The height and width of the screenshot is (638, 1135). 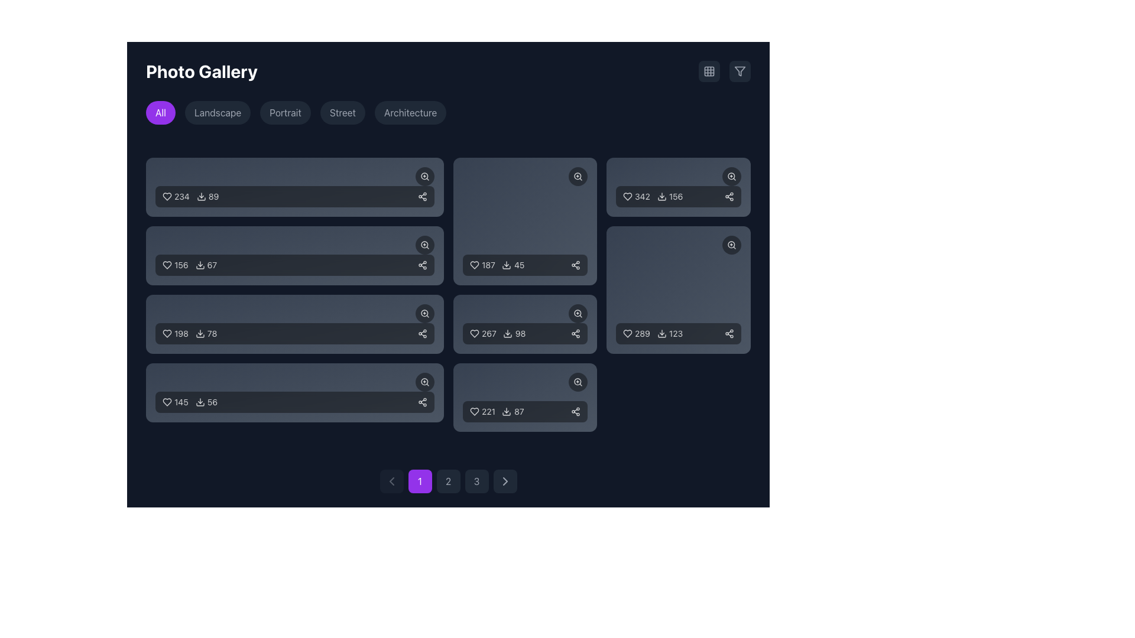 I want to click on the interactive counter element displaying '67' with a download icon to change its color to full white, so click(x=206, y=264).